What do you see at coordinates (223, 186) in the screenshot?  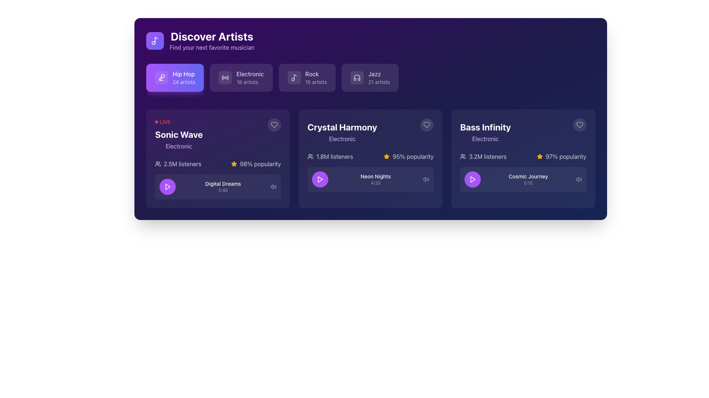 I see `the label that displays the title and duration of the song or audio track, located in the lower section of the 'Sonic Wave' card, centrally under the 'LIVE' indicator and above the purple play button` at bounding box center [223, 186].